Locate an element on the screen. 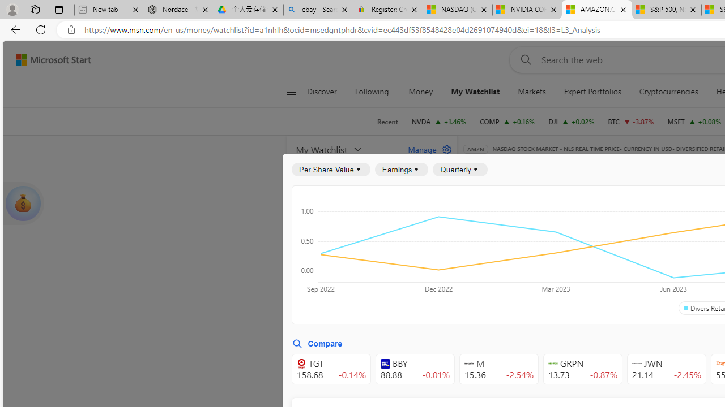 Image resolution: width=725 pixels, height=407 pixels. 'My Watchlist' is located at coordinates (475, 92).